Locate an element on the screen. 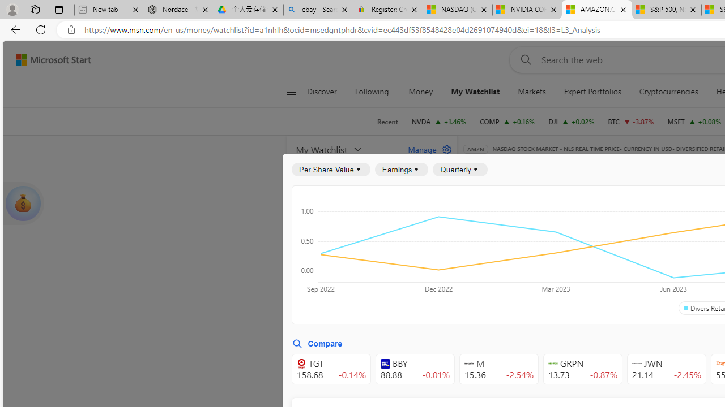 Image resolution: width=725 pixels, height=407 pixels. 'My Watchlist' is located at coordinates (475, 92).